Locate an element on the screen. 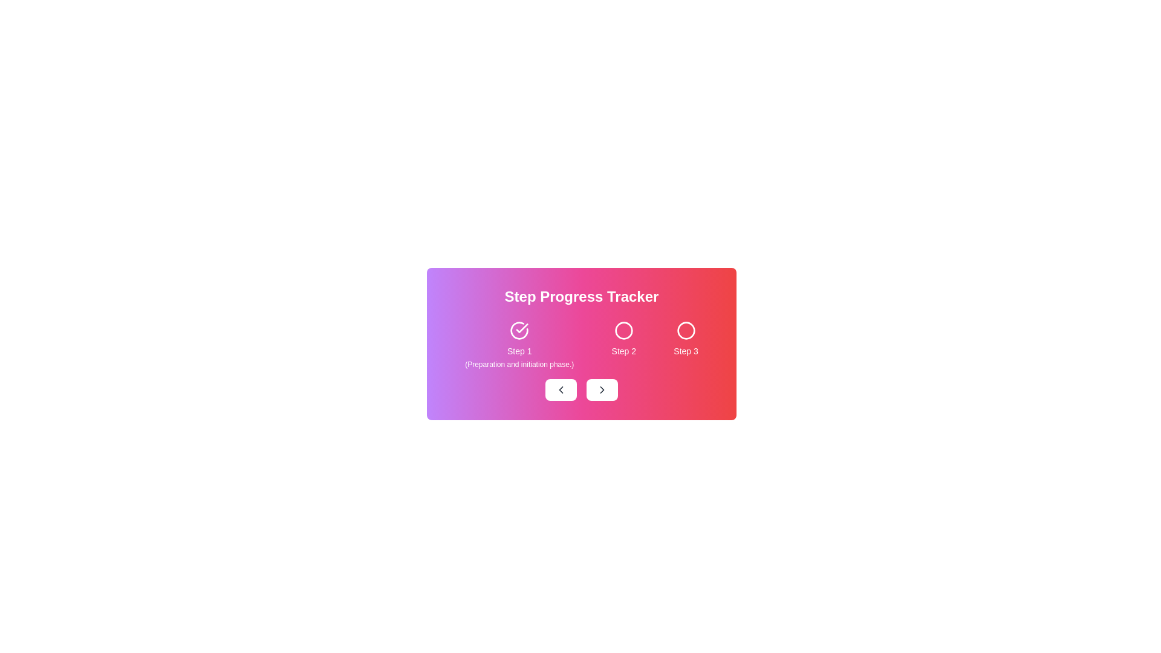 This screenshot has width=1161, height=653. the navigation button labeled 'Previous' is located at coordinates (560, 389).